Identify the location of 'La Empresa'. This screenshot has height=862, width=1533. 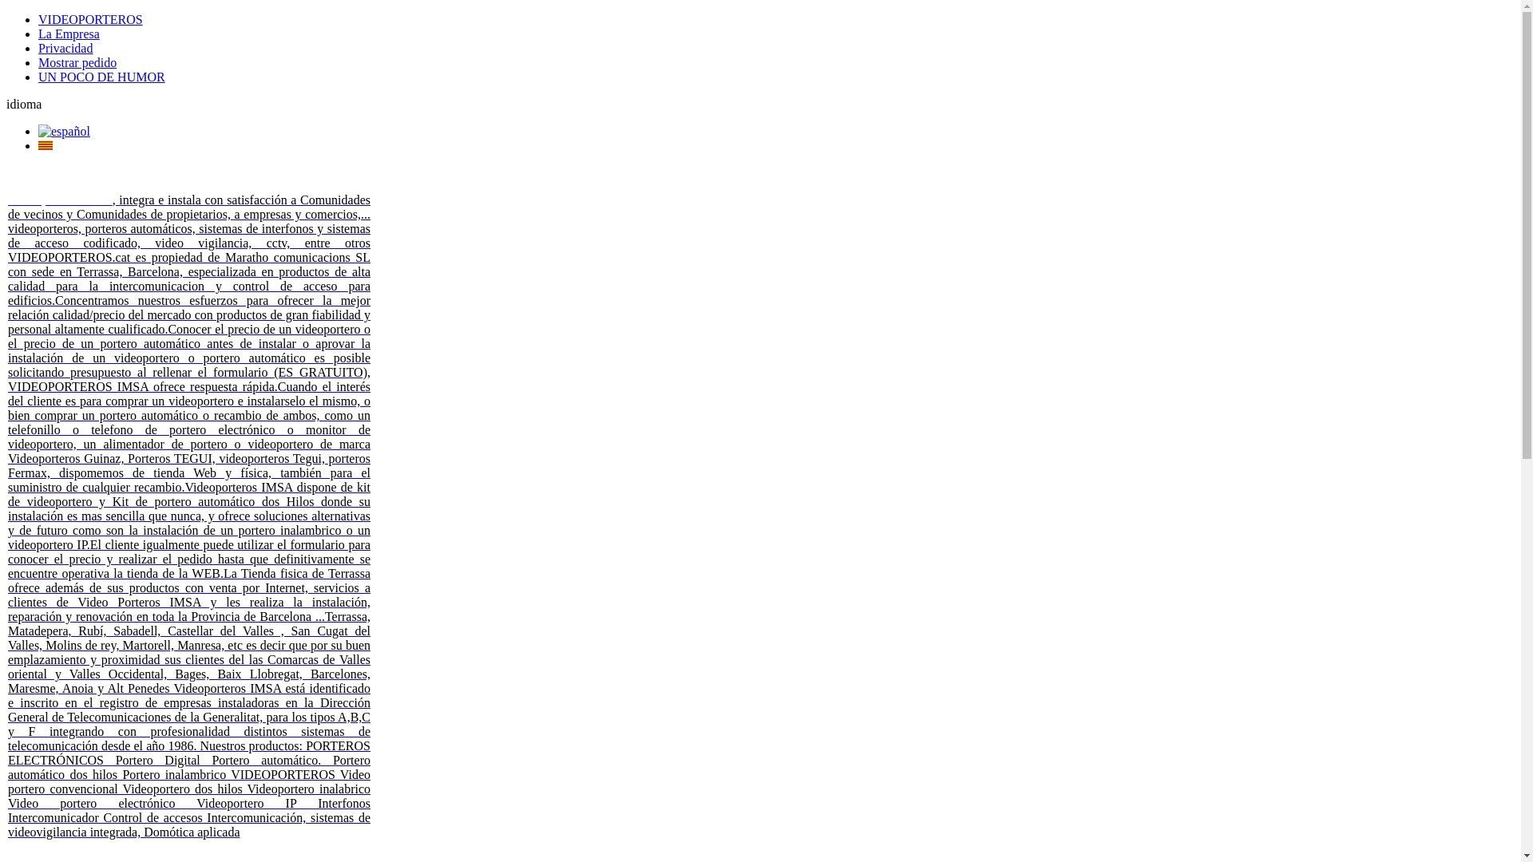
(68, 34).